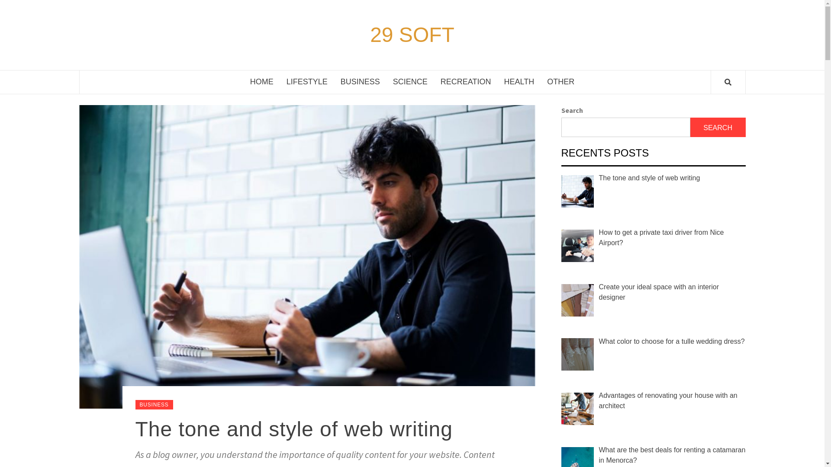 This screenshot has height=467, width=831. Describe the element at coordinates (360, 82) in the screenshot. I see `'BUSINESS'` at that location.